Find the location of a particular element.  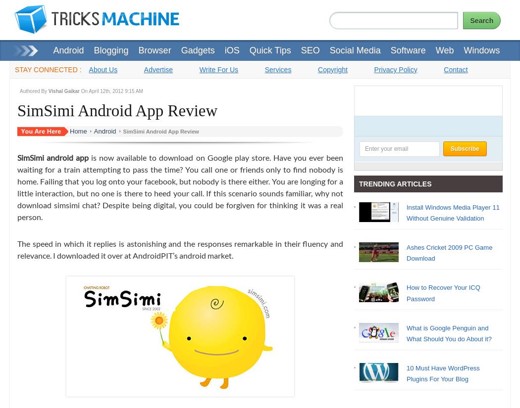

'About Us' is located at coordinates (103, 69).